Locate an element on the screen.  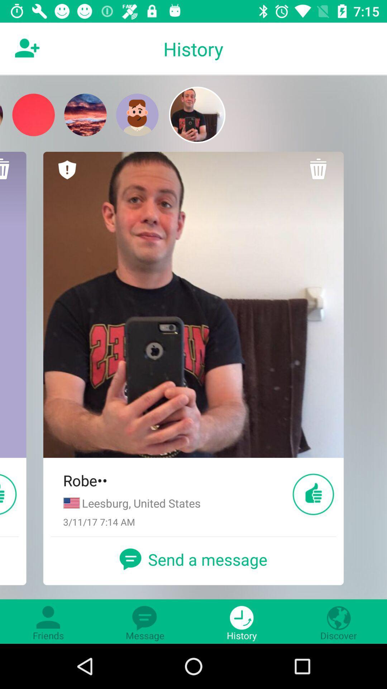
the icon history which is left side of the discover is located at coordinates (242, 621).